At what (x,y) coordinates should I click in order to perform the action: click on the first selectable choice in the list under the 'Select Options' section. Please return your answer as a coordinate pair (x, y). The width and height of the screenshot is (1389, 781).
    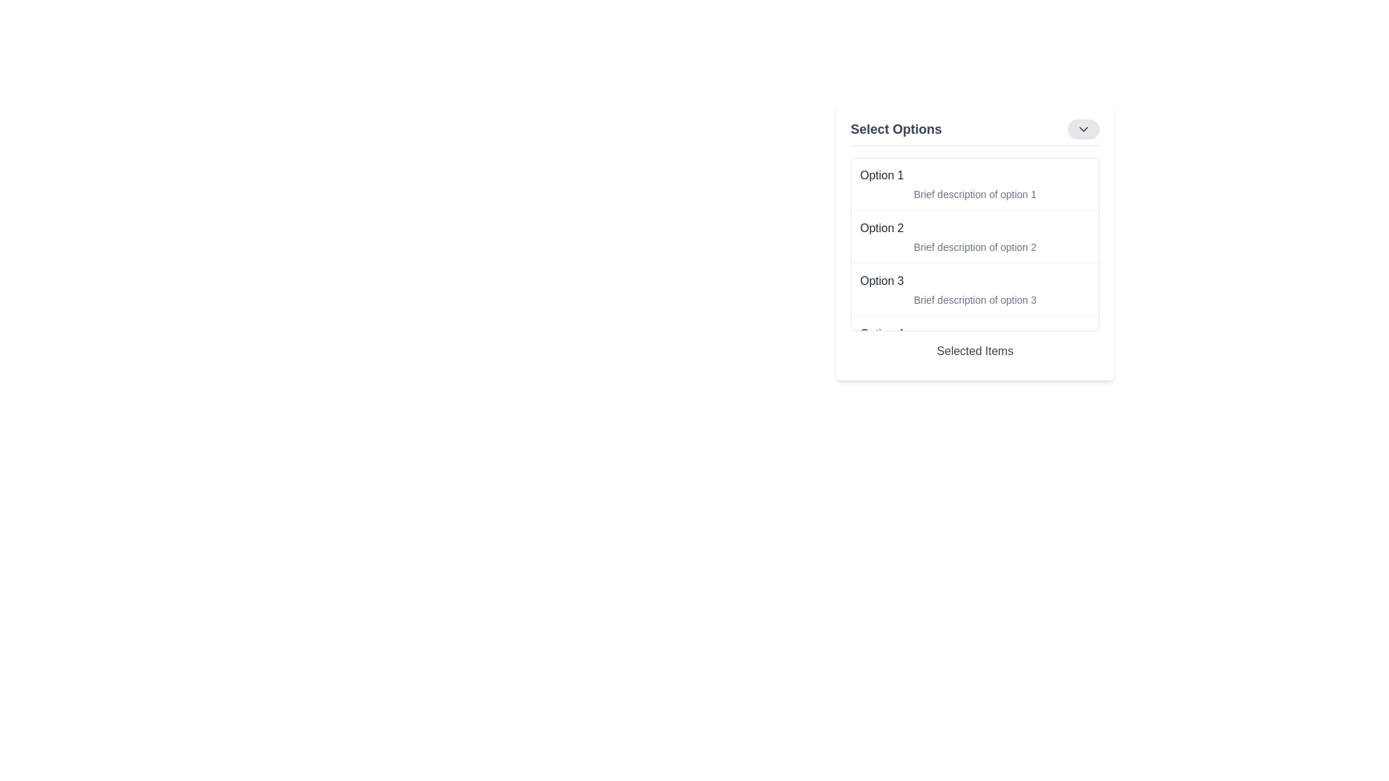
    Looking at the image, I should click on (975, 183).